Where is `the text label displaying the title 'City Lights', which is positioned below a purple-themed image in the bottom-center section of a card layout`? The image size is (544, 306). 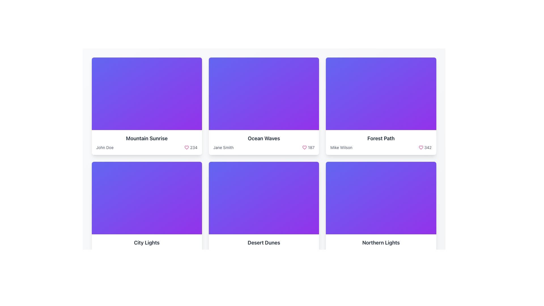
the text label displaying the title 'City Lights', which is positioned below a purple-themed image in the bottom-center section of a card layout is located at coordinates (147, 242).